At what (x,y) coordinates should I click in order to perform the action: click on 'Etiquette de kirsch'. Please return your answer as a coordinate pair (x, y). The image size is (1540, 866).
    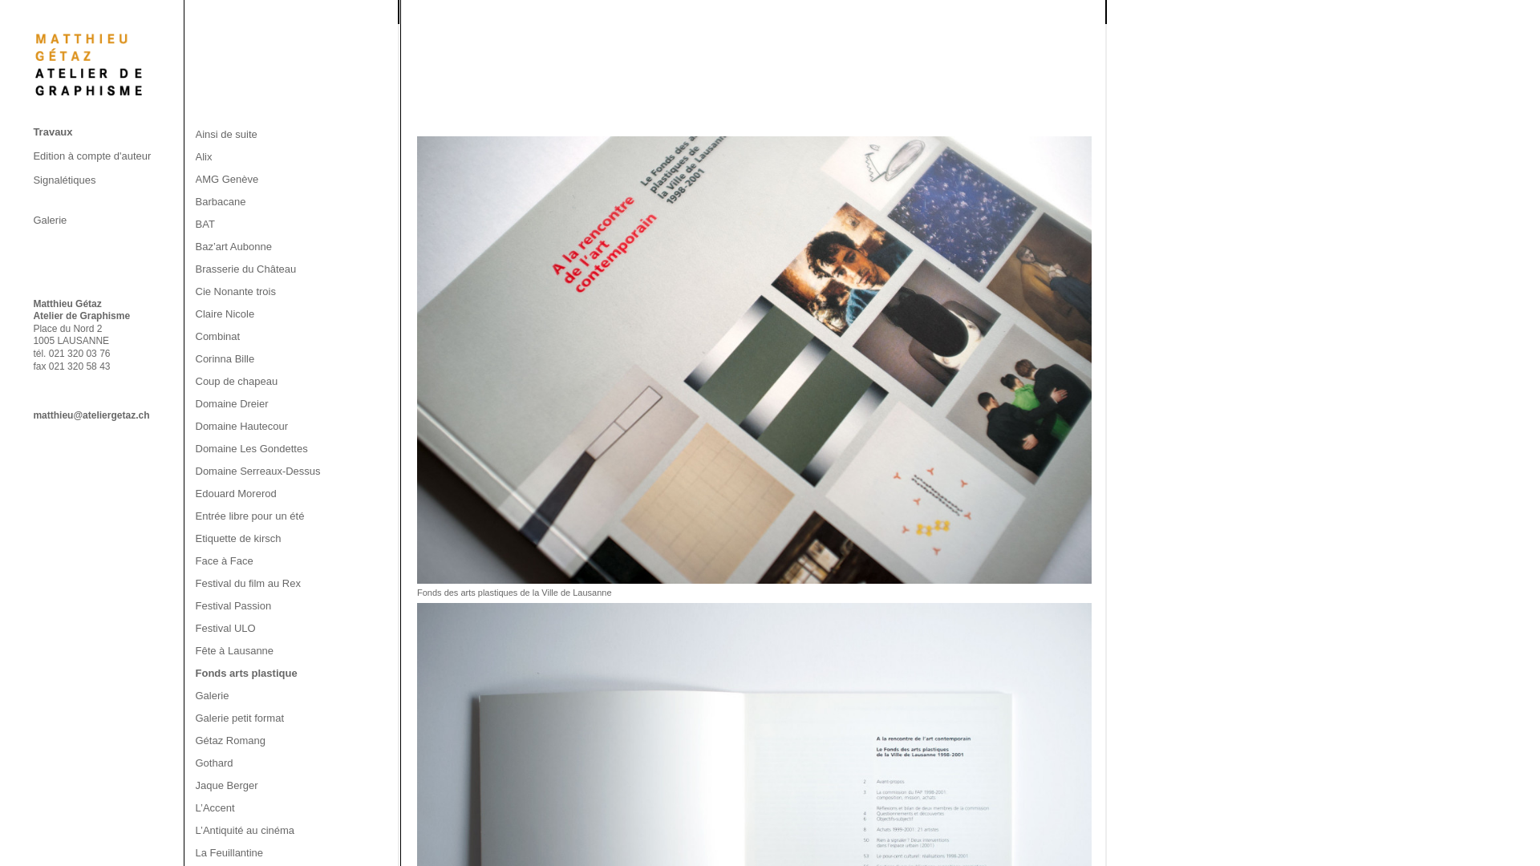
    Looking at the image, I should click on (237, 538).